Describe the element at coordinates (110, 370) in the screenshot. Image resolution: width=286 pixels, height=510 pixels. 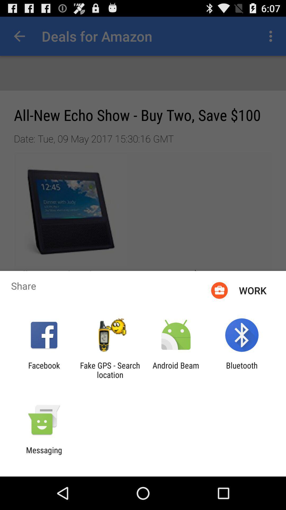
I see `the app to the left of android beam app` at that location.